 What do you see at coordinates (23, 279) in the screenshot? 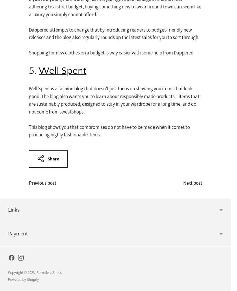
I see `'Powered by Shopify'` at bounding box center [23, 279].